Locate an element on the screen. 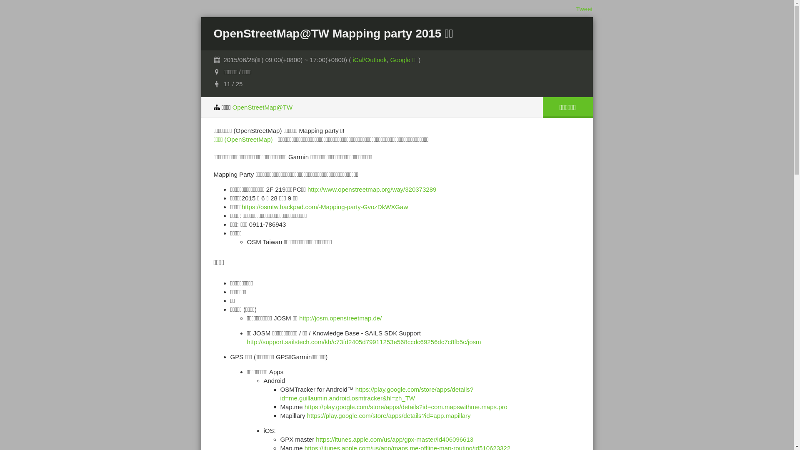 The image size is (800, 450). 'Tweet' is located at coordinates (583, 9).